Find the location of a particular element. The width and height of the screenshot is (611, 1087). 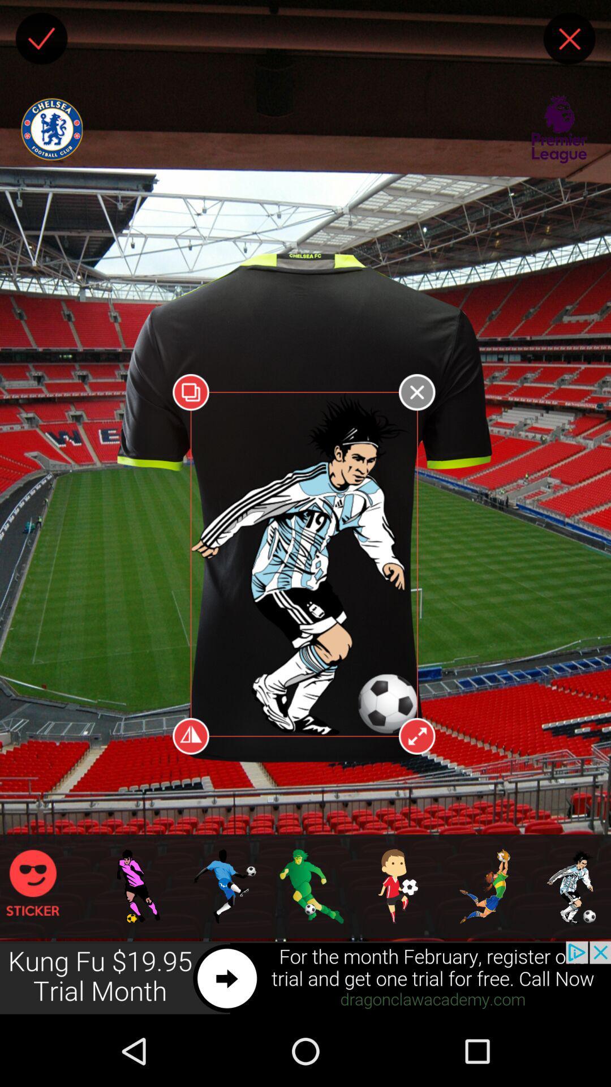

like the item is located at coordinates (41, 38).